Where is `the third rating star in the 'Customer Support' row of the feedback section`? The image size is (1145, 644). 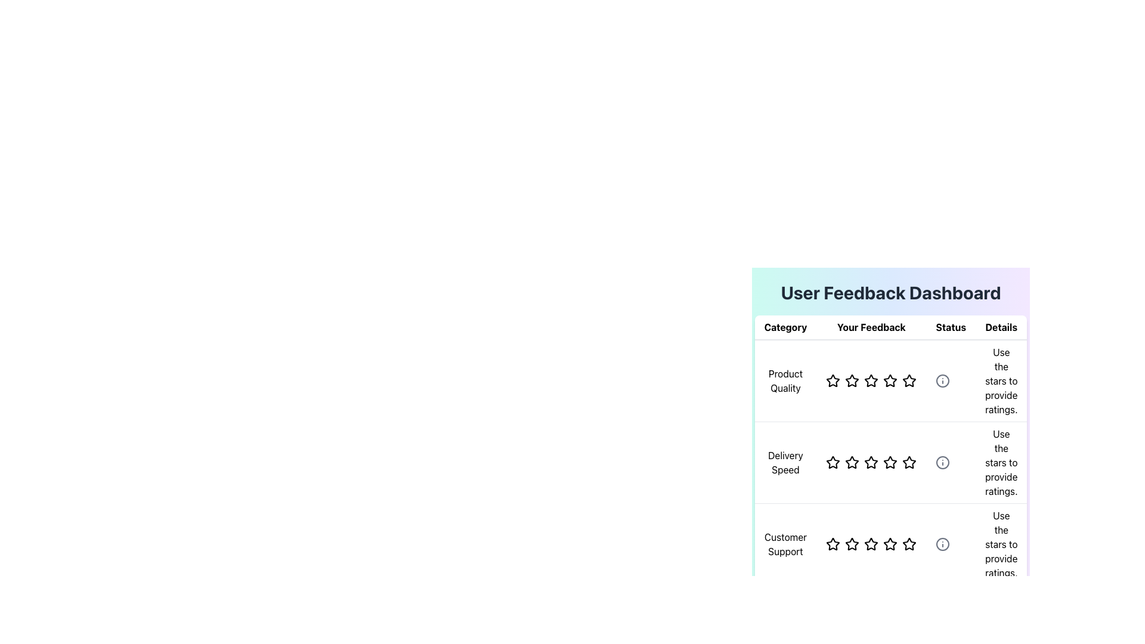
the third rating star in the 'Customer Support' row of the feedback section is located at coordinates (871, 544).